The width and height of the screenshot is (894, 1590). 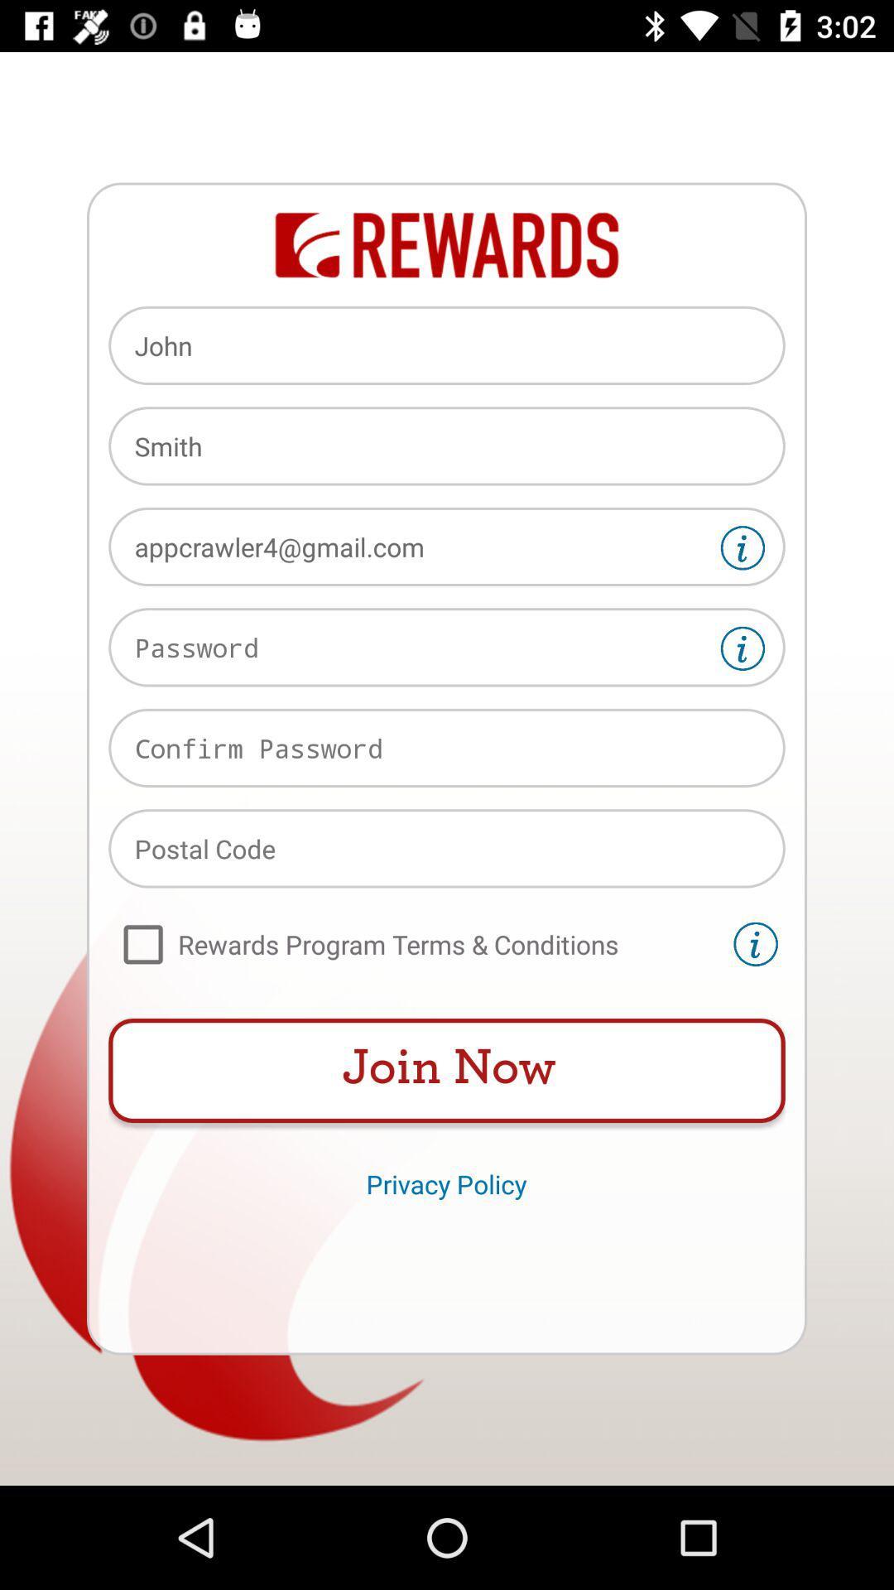 What do you see at coordinates (447, 848) in the screenshot?
I see `postal code here` at bounding box center [447, 848].